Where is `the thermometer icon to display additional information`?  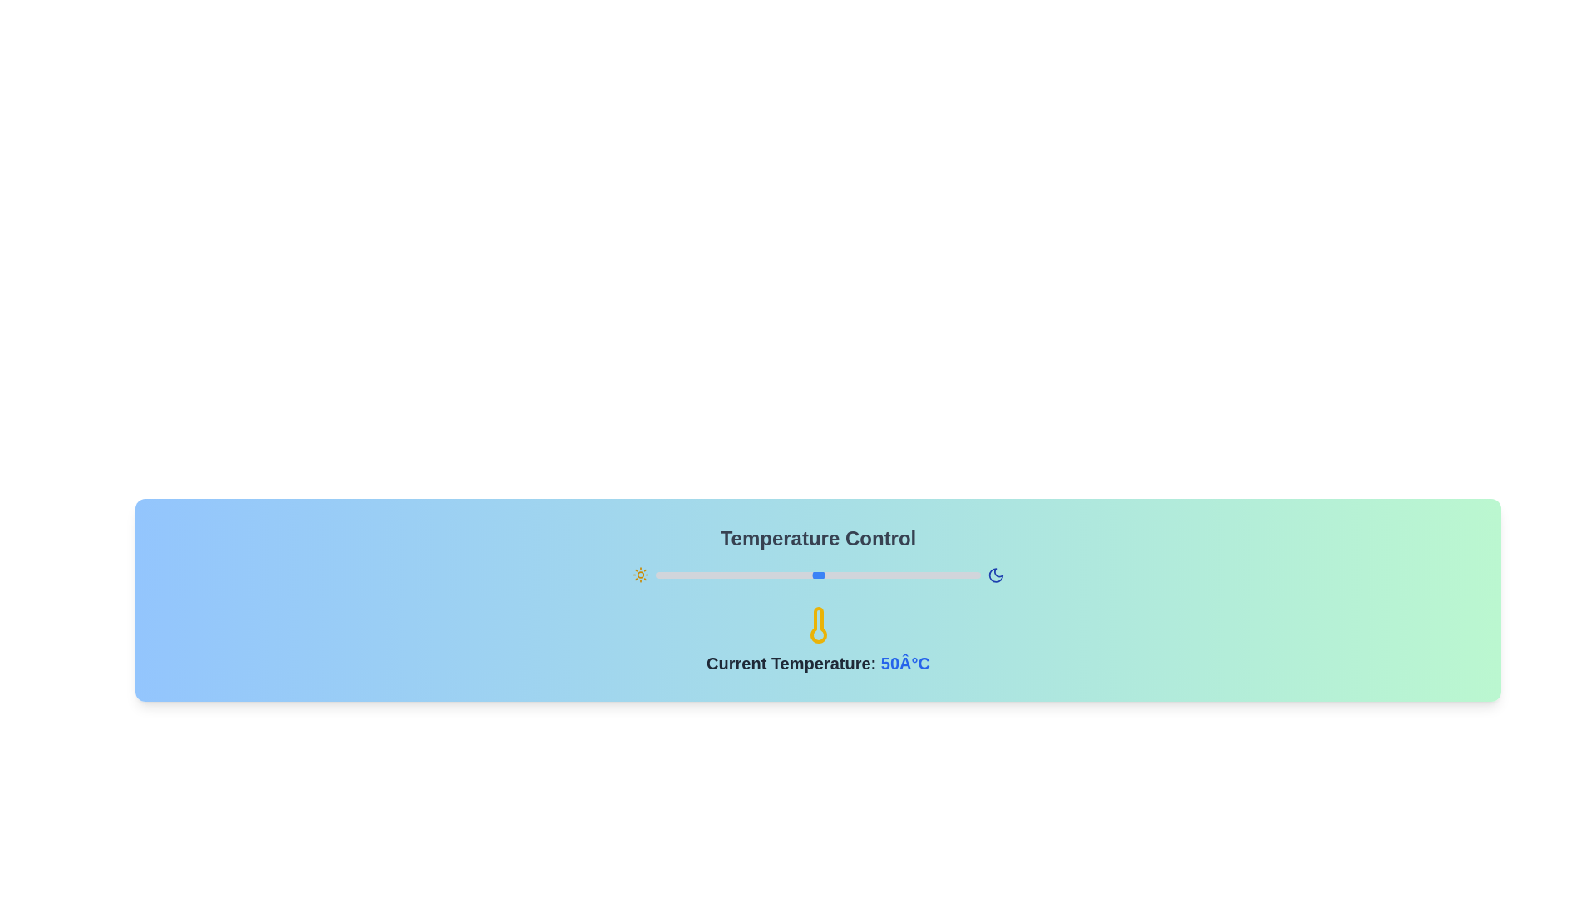 the thermometer icon to display additional information is located at coordinates (818, 625).